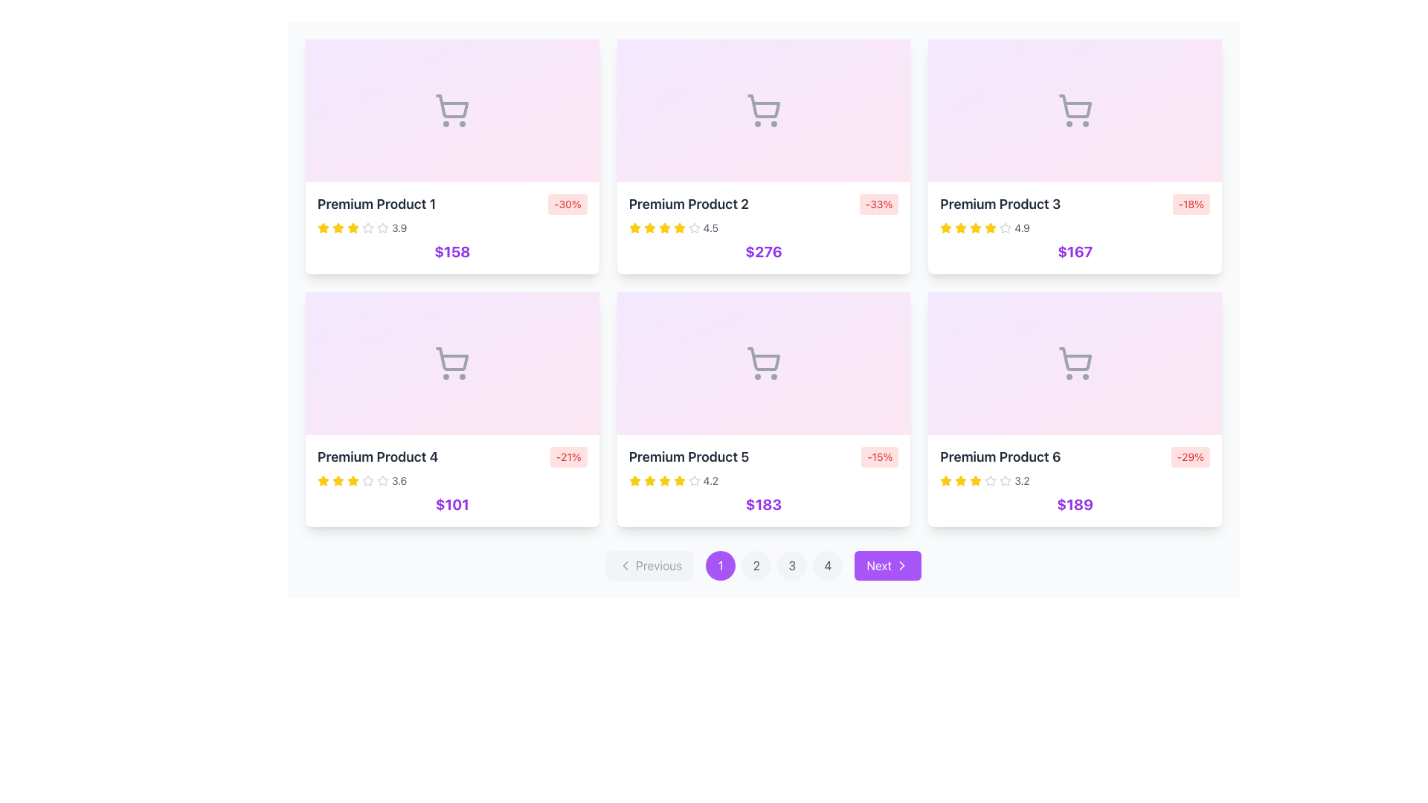  What do you see at coordinates (649, 480) in the screenshot?
I see `the third star icon in the rating system for the 'Premium Product 5', which indicates part of a numerical rating value of 4.2` at bounding box center [649, 480].